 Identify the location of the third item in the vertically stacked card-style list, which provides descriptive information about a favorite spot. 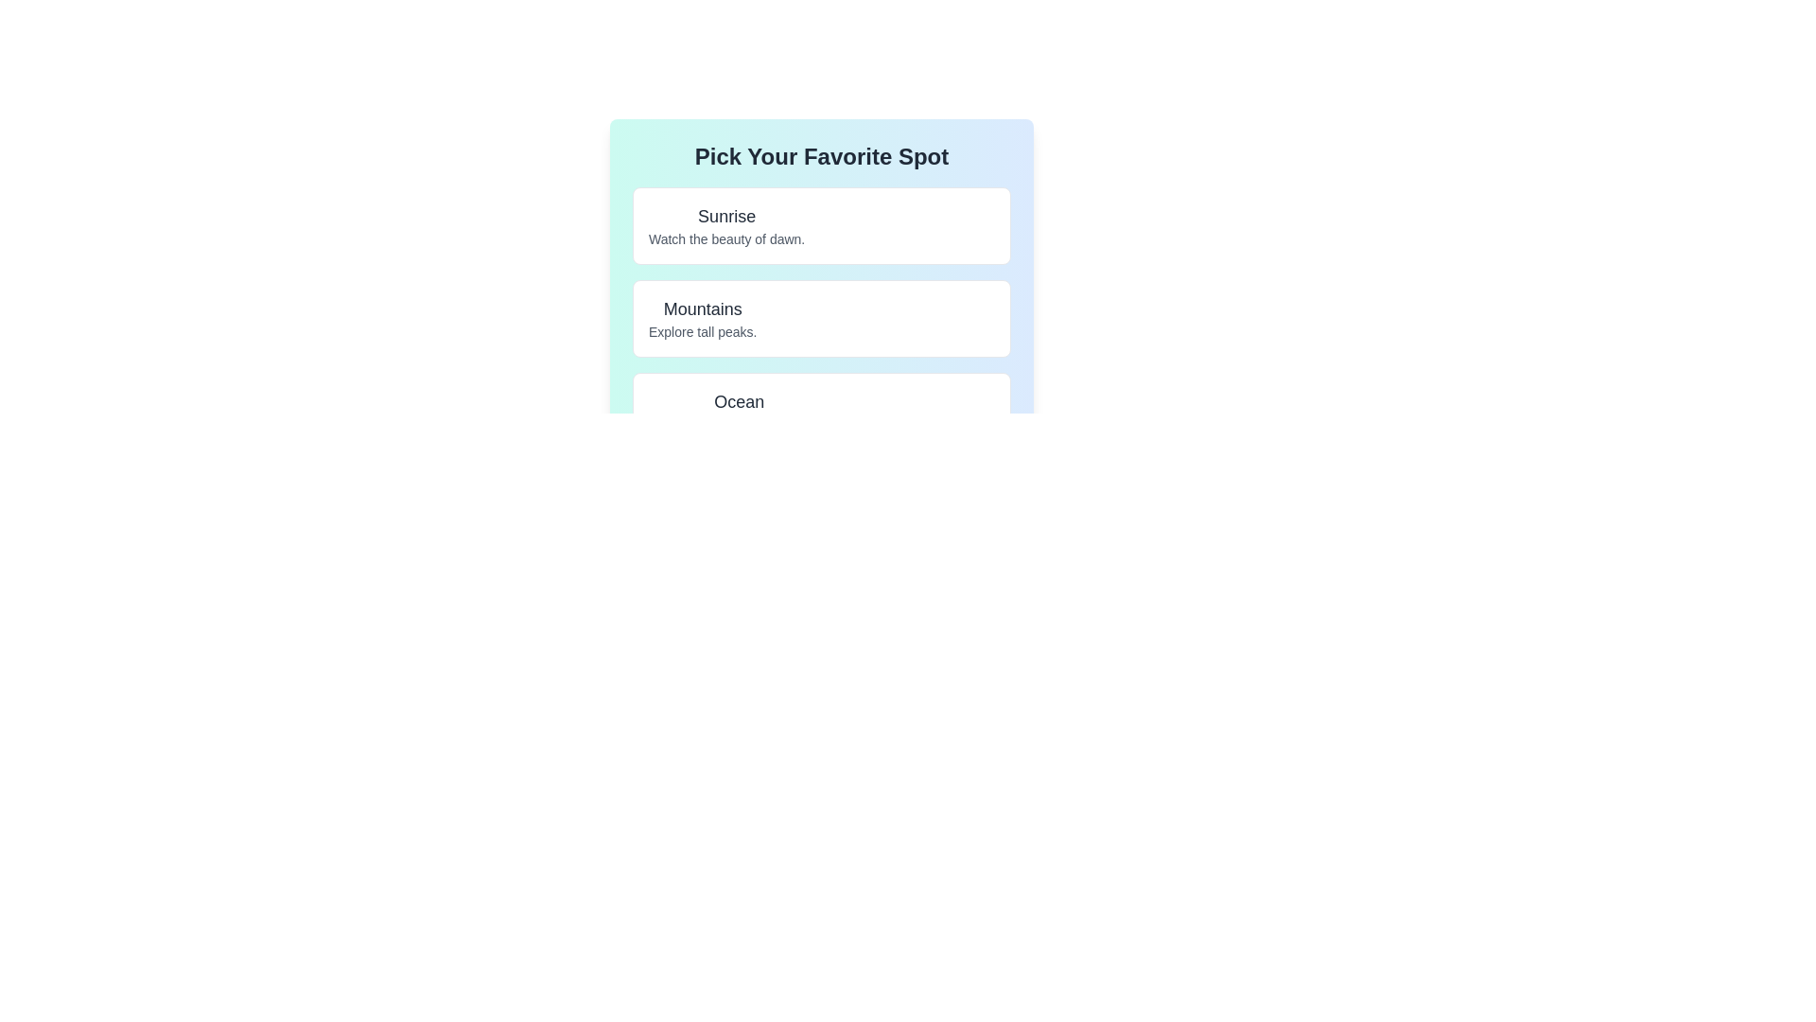
(738, 411).